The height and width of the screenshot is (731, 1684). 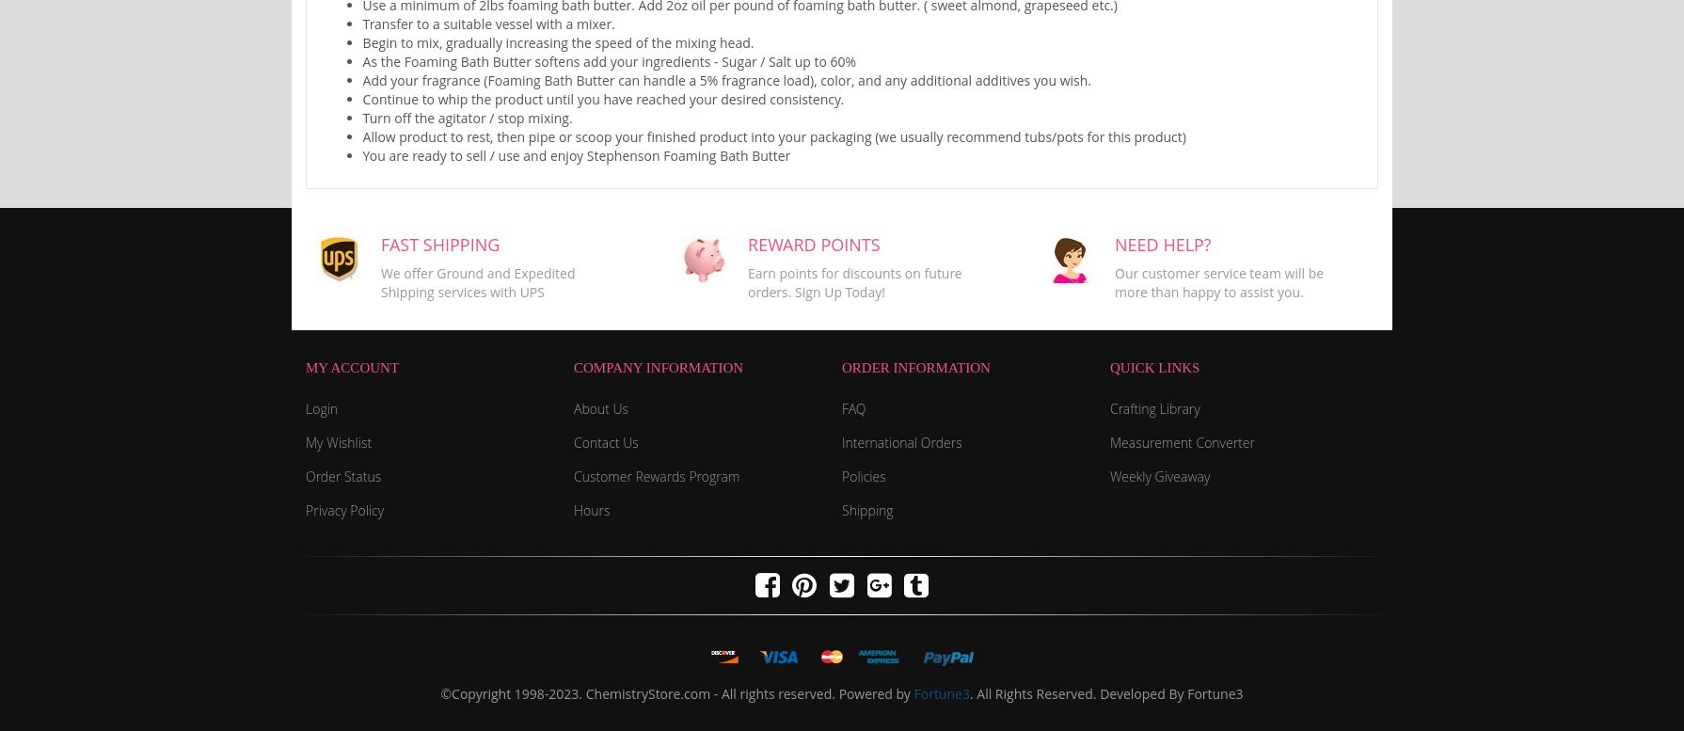 What do you see at coordinates (915, 365) in the screenshot?
I see `'Order Information'` at bounding box center [915, 365].